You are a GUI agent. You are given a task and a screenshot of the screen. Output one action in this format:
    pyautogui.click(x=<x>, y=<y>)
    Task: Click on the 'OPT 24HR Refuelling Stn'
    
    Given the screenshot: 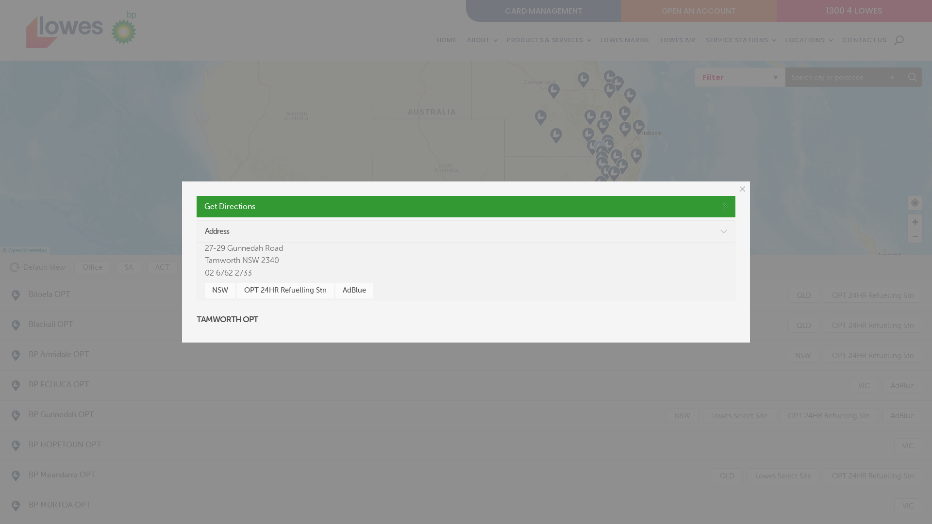 What is the action you would take?
    pyautogui.click(x=285, y=290)
    